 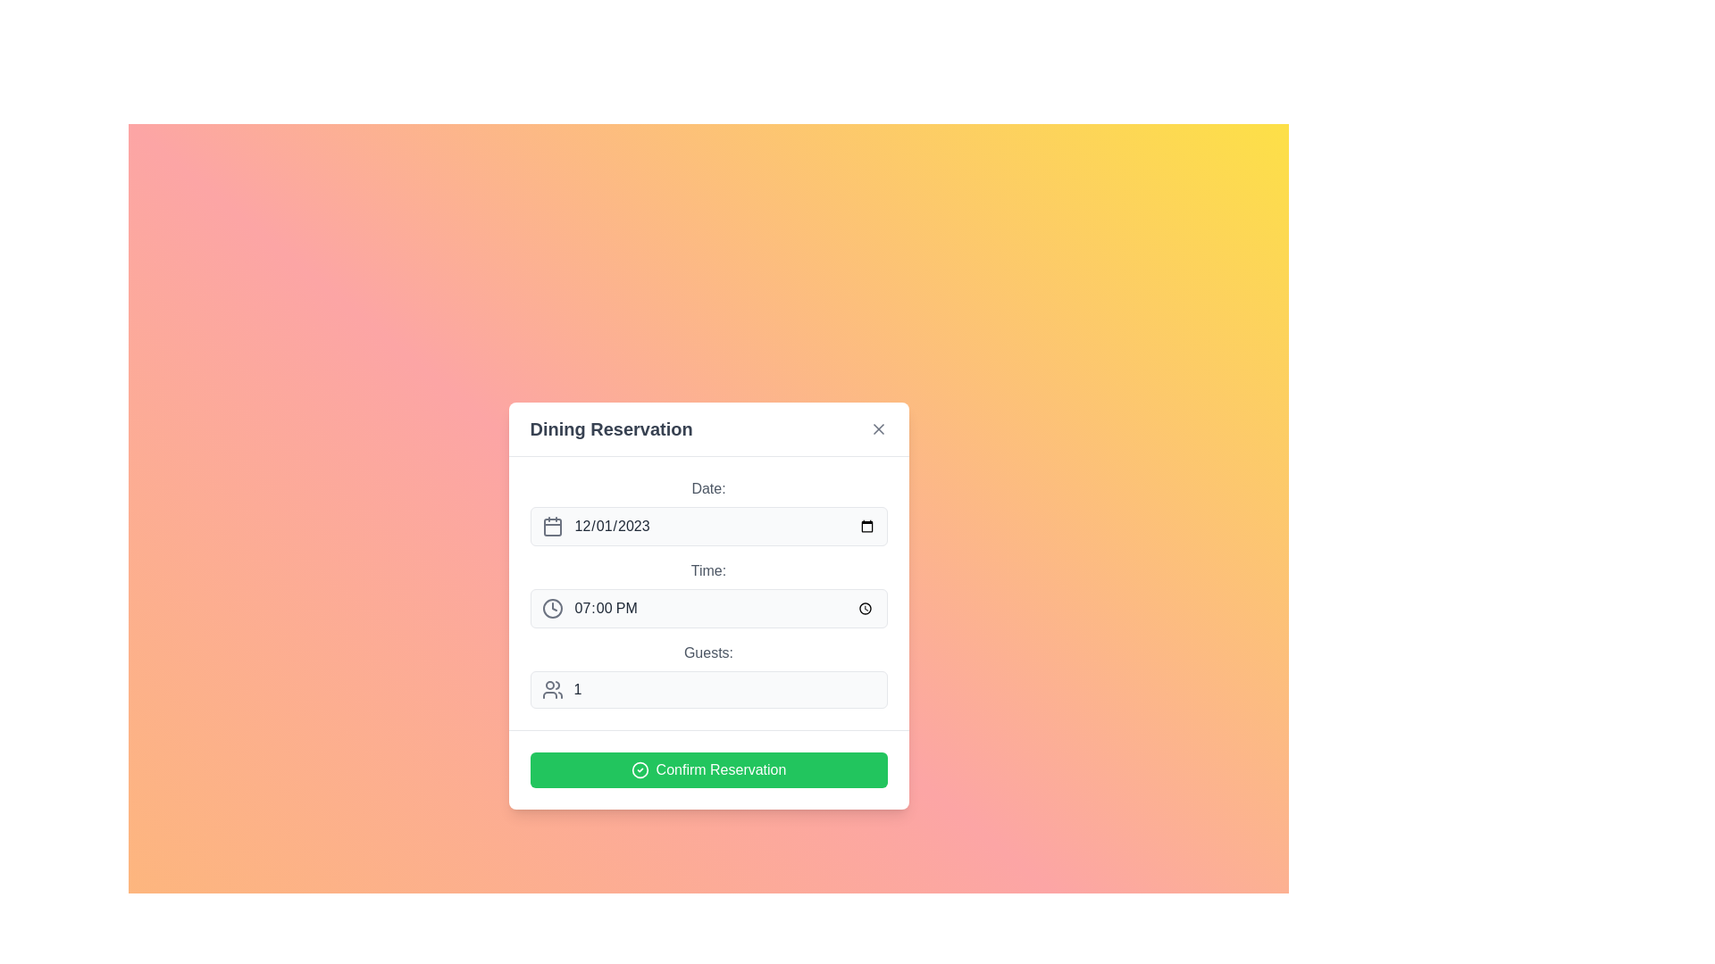 I want to click on the clock icon with a circular border and clock hands located to the left of the time input field labeled '07:00 PM' in the second row of the form, so click(x=551, y=608).